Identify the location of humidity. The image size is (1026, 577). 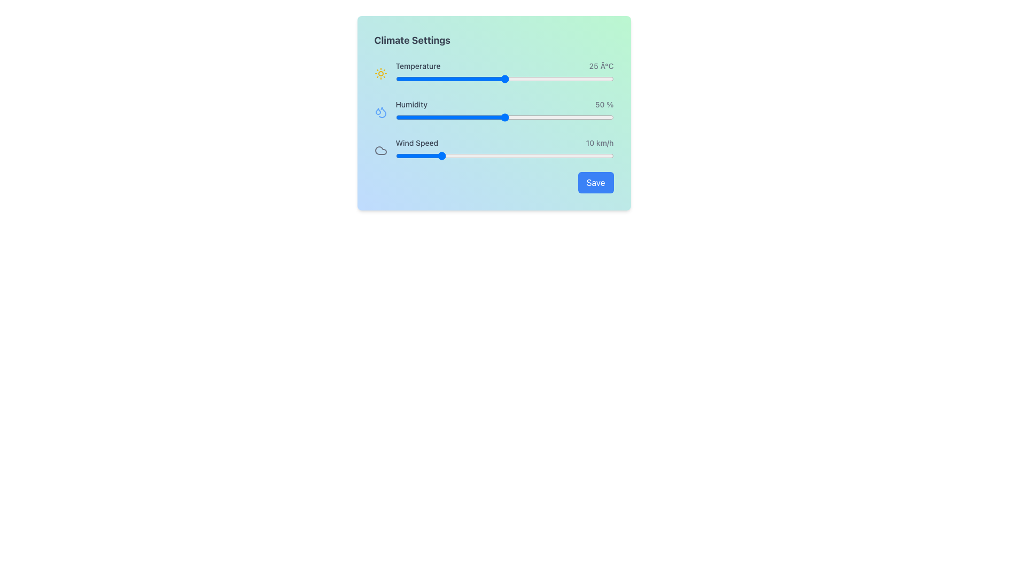
(441, 117).